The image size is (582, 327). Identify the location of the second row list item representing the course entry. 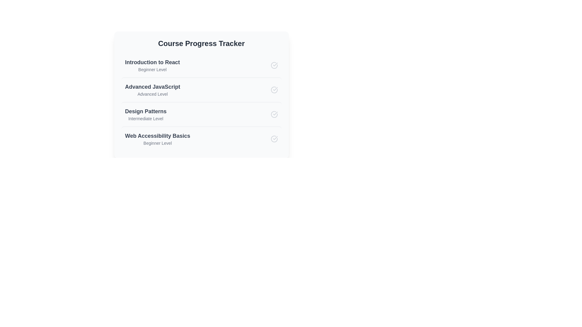
(201, 91).